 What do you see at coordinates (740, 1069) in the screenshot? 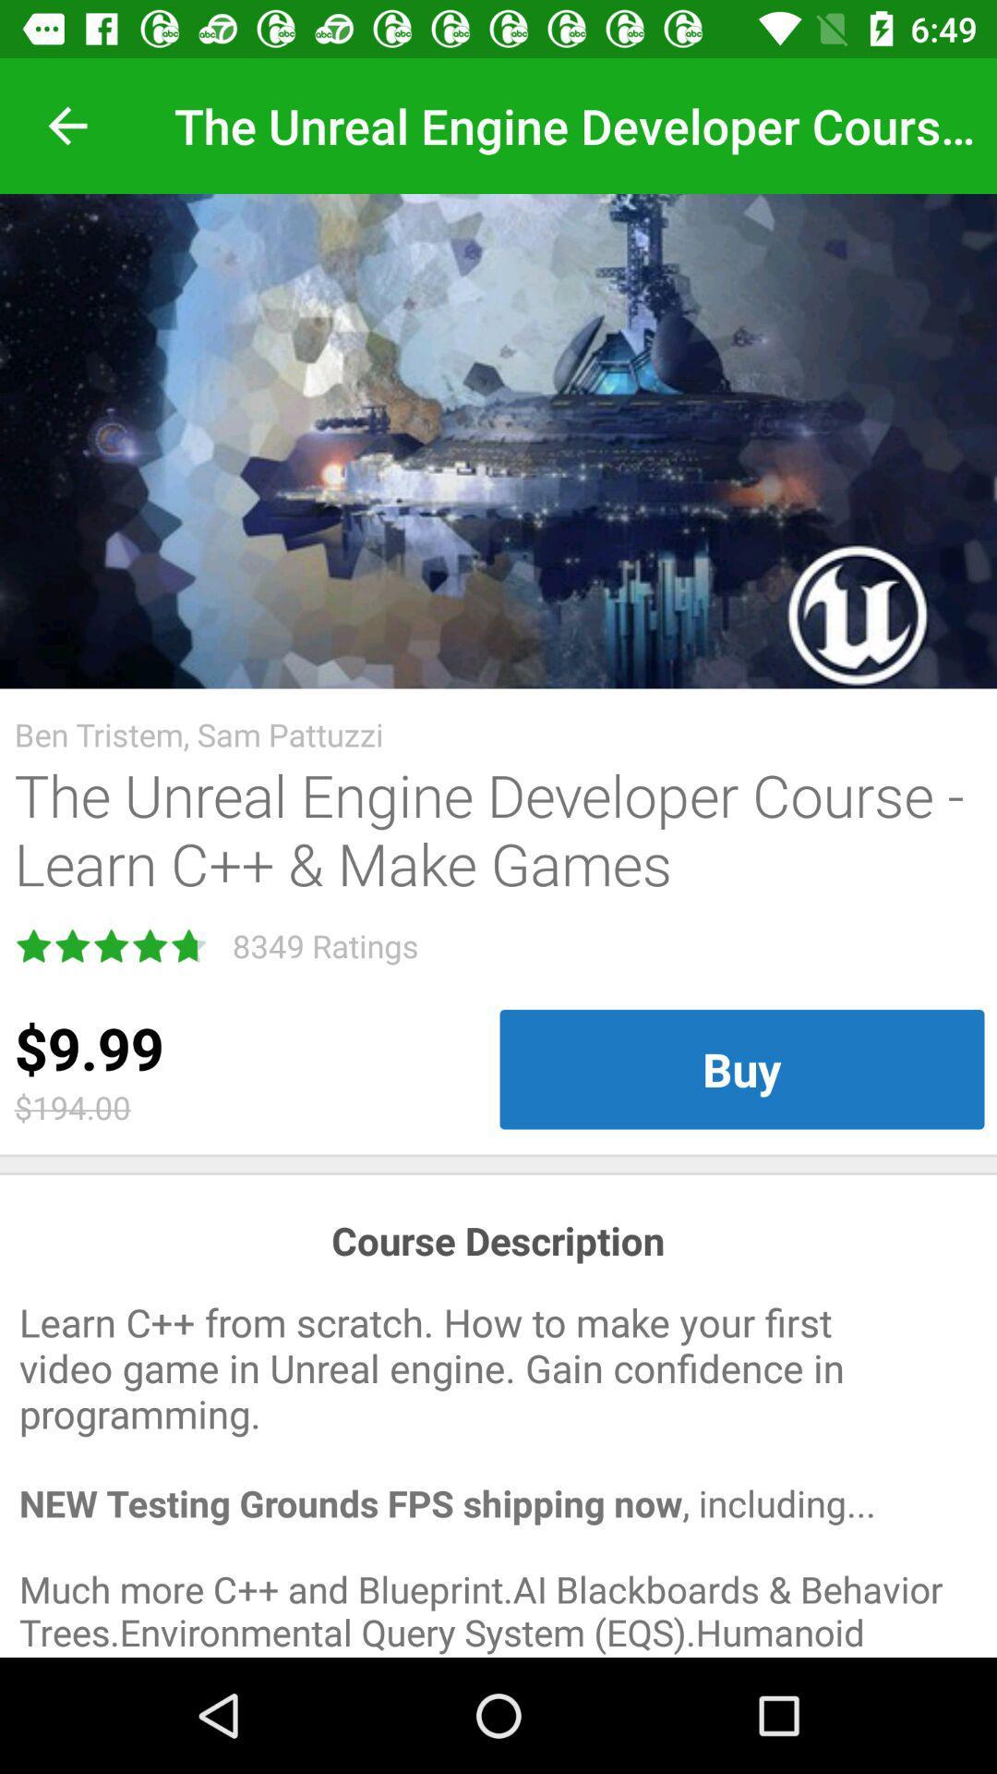
I see `buy` at bounding box center [740, 1069].